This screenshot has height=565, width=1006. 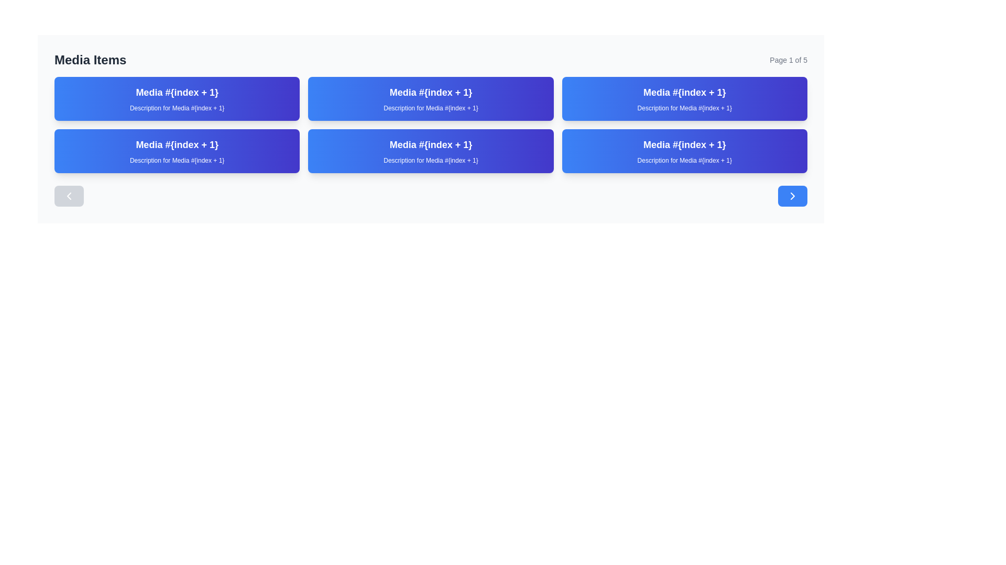 I want to click on the textual element displaying 'Media #{index + 1}', which is styled in a larger font size and bold weight, located within a gradient background box in the second row and fourth column of the grid layout, so click(x=684, y=145).